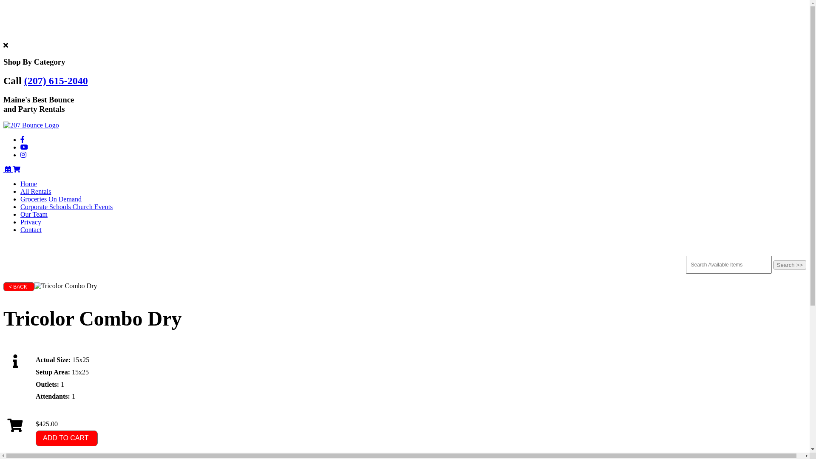 Image resolution: width=816 pixels, height=459 pixels. I want to click on '(207) 615-2040', so click(56, 80).